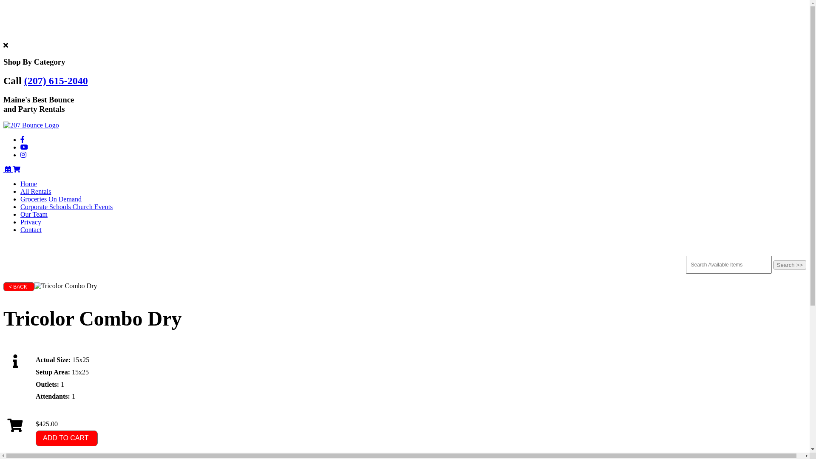 Image resolution: width=816 pixels, height=459 pixels. I want to click on '(207) 615-2040', so click(56, 80).